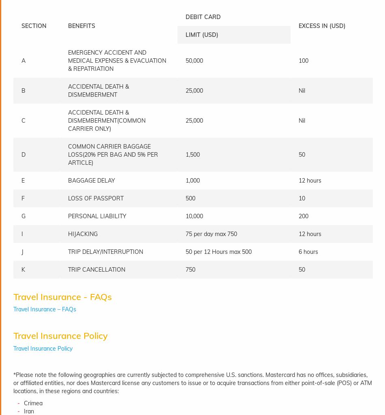  What do you see at coordinates (298, 60) in the screenshot?
I see `'100'` at bounding box center [298, 60].